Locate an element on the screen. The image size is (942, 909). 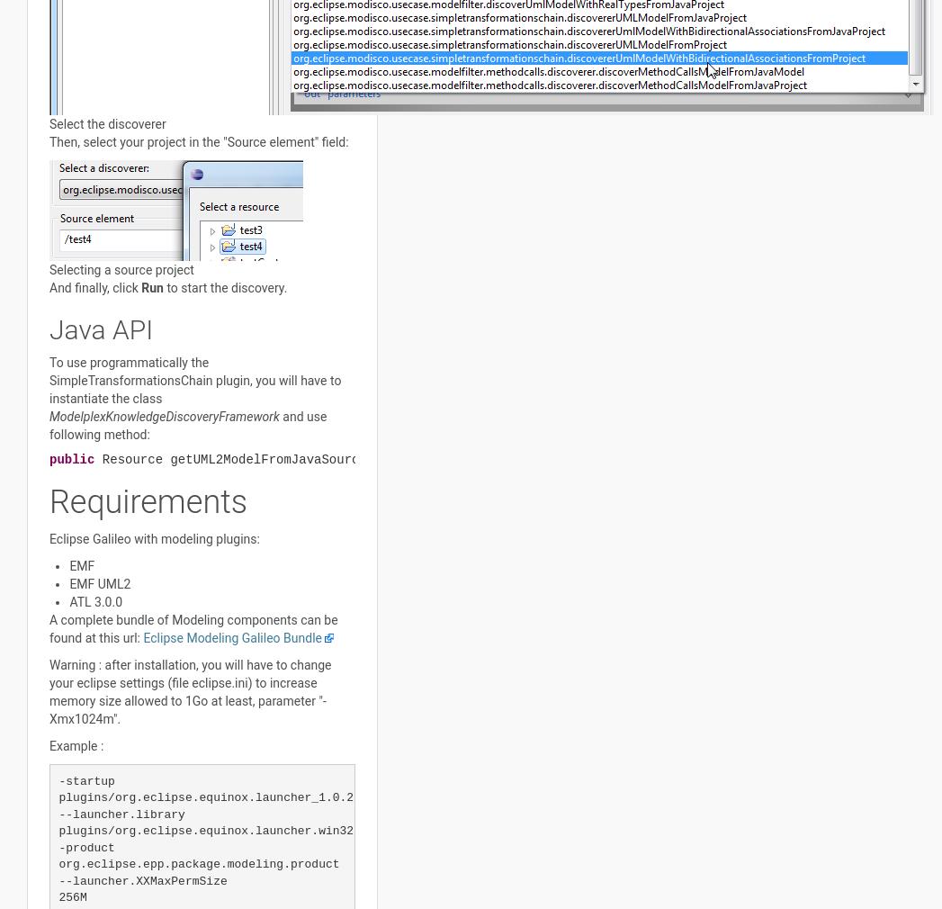
'Eclipse Galileo with modeling plugins:' is located at coordinates (154, 538).